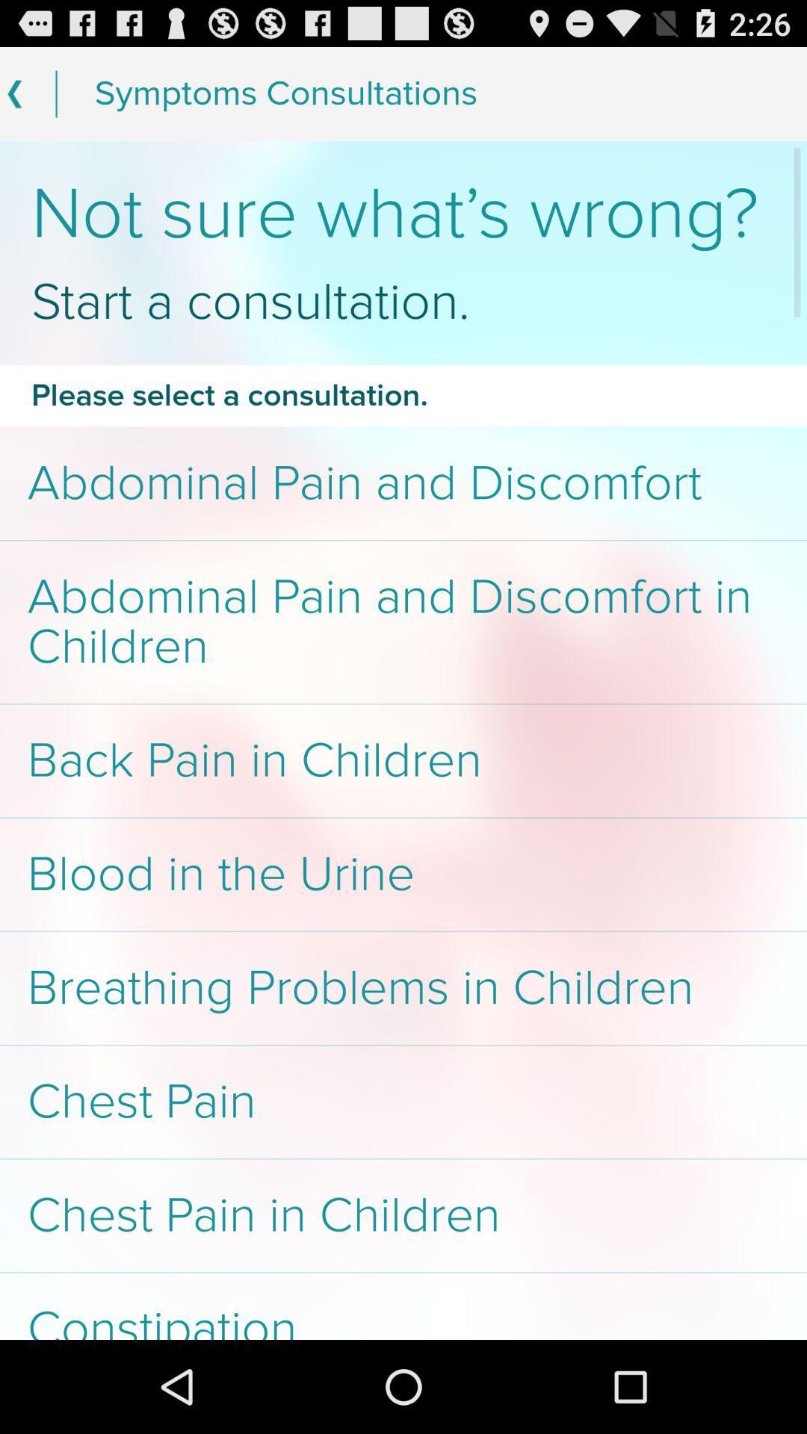 This screenshot has height=1434, width=807. Describe the element at coordinates (403, 875) in the screenshot. I see `app above breathing problems in item` at that location.